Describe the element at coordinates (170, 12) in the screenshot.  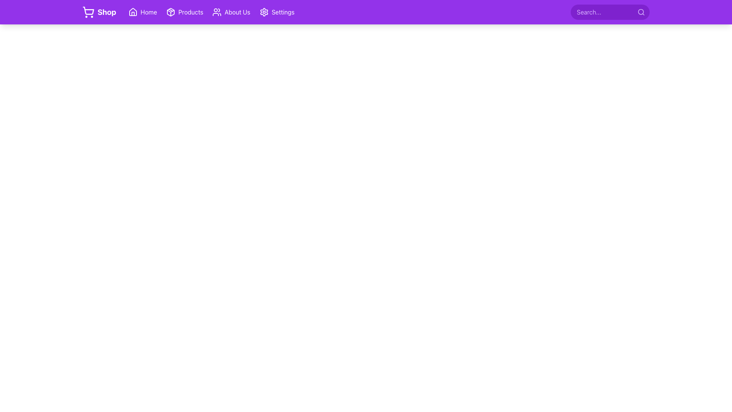
I see `the stylized 3D box icon located between the 'Home' and 'Products' menu items in the navigation bar` at that location.